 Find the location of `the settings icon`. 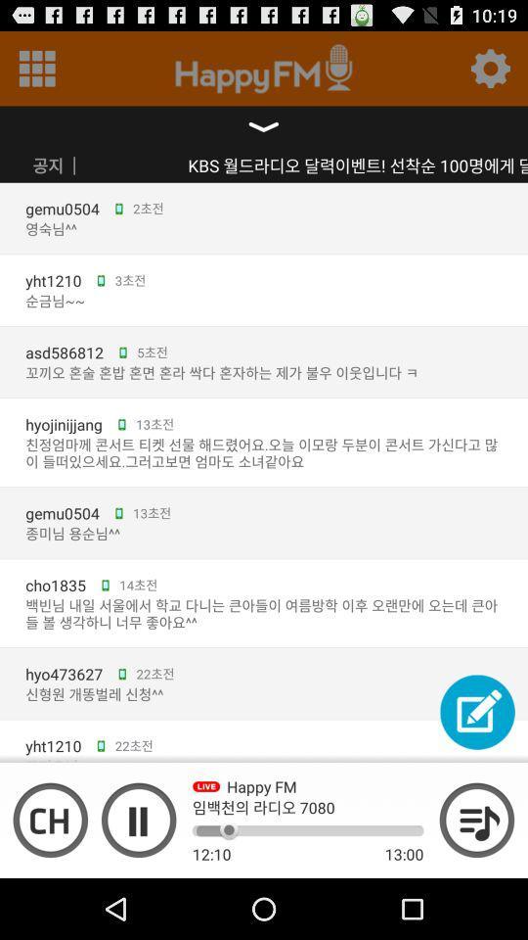

the settings icon is located at coordinates (489, 72).